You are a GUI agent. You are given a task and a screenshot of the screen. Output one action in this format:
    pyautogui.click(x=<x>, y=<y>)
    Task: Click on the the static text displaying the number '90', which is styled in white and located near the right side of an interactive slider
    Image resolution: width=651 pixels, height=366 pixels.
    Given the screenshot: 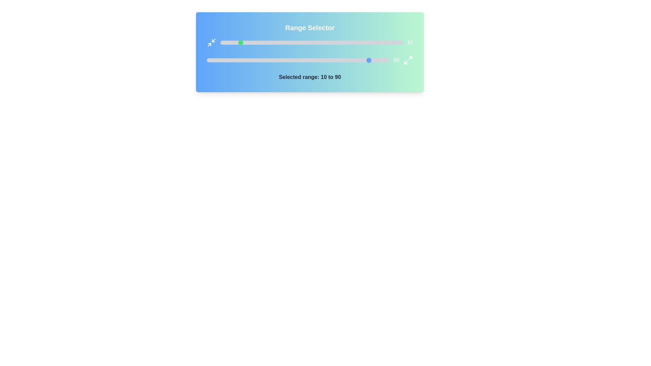 What is the action you would take?
    pyautogui.click(x=396, y=60)
    